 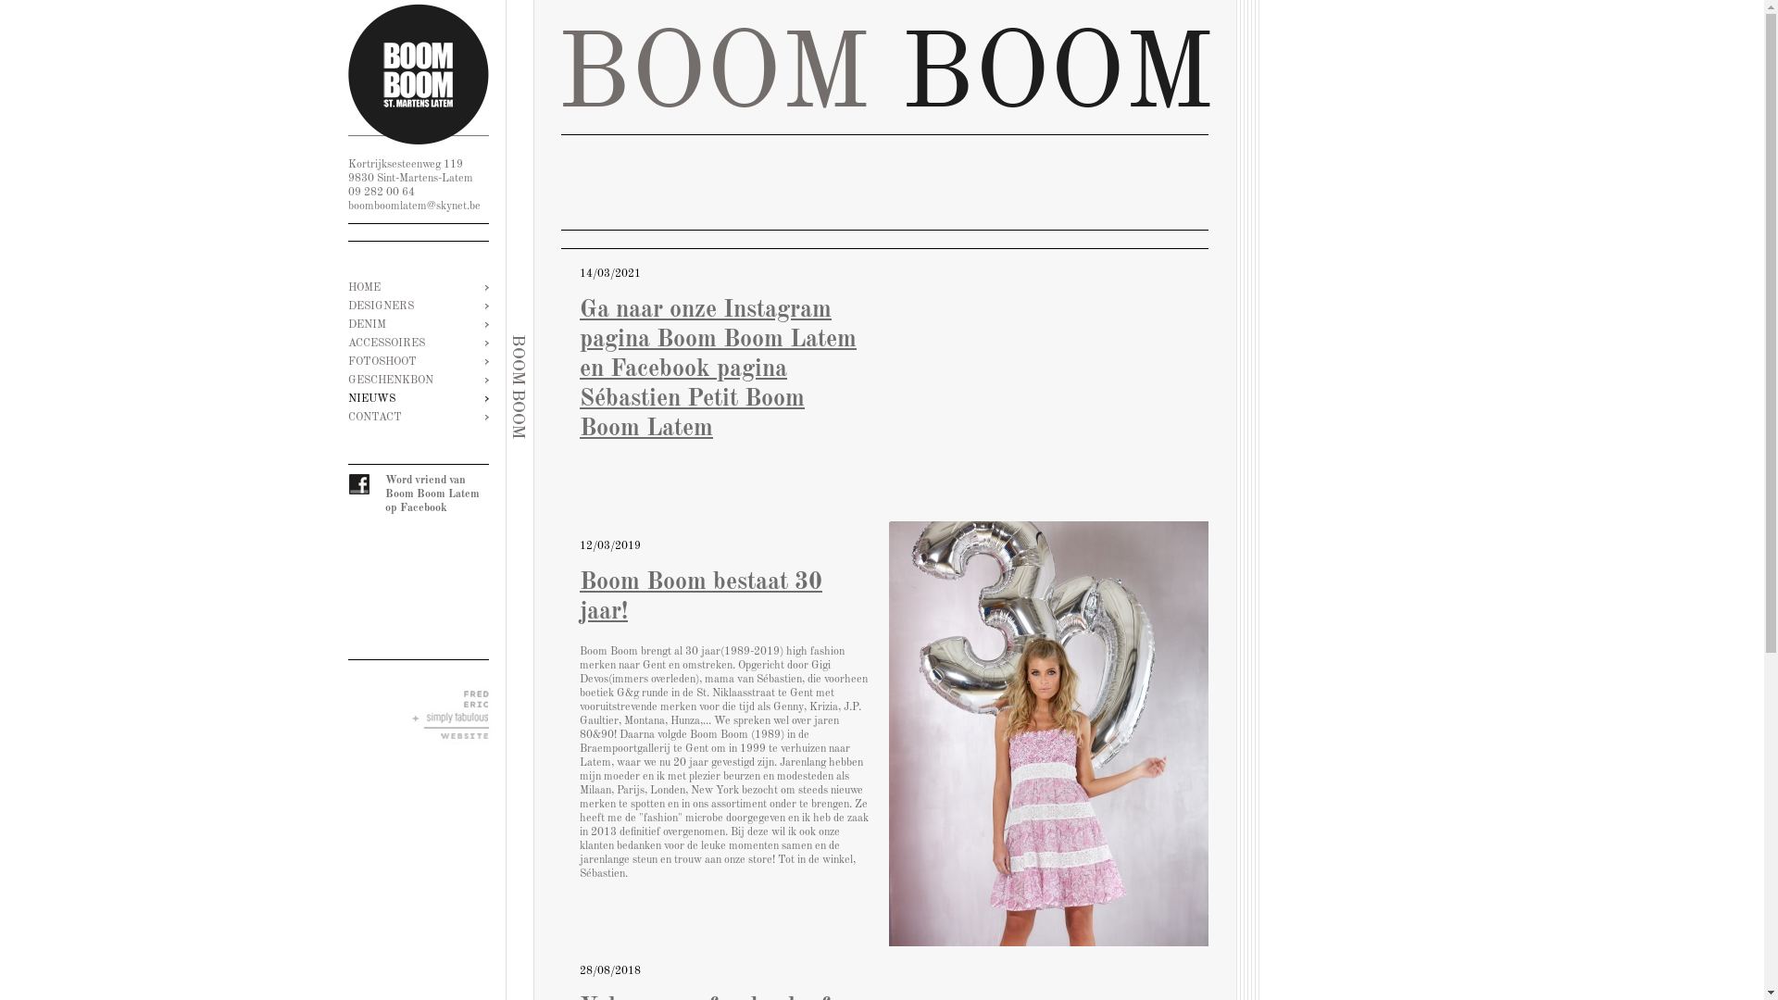 What do you see at coordinates (1048, 732) in the screenshot?
I see `'Boom Boom bestaat 30 jaar!'` at bounding box center [1048, 732].